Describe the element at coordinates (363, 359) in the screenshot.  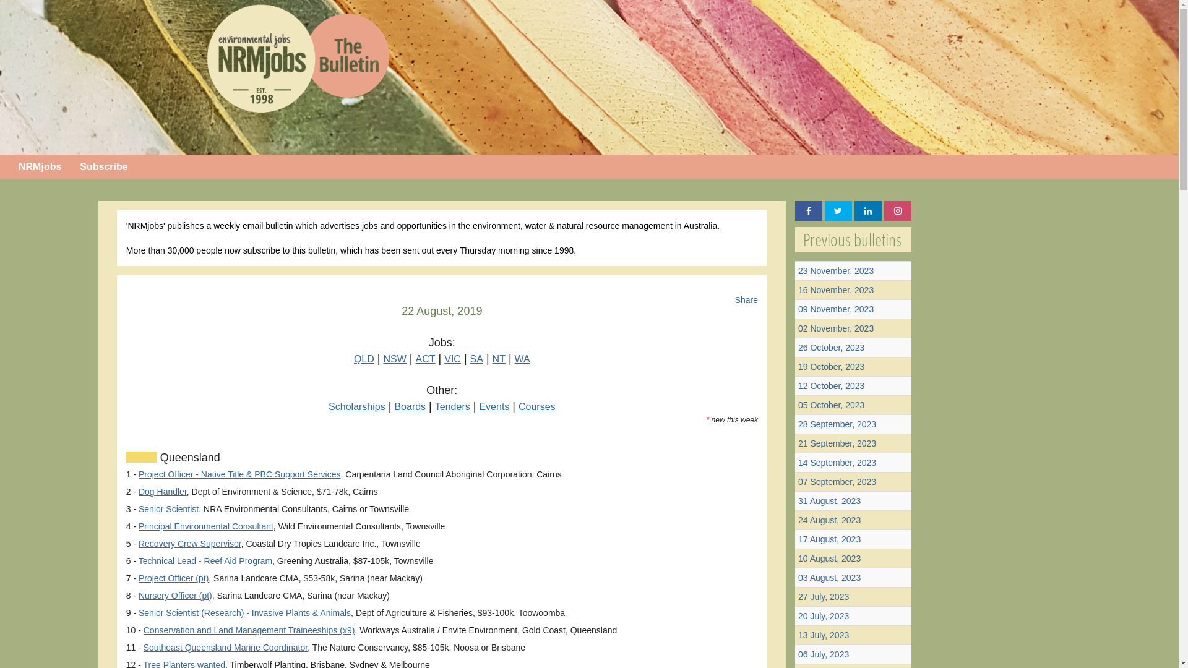
I see `'QLD'` at that location.